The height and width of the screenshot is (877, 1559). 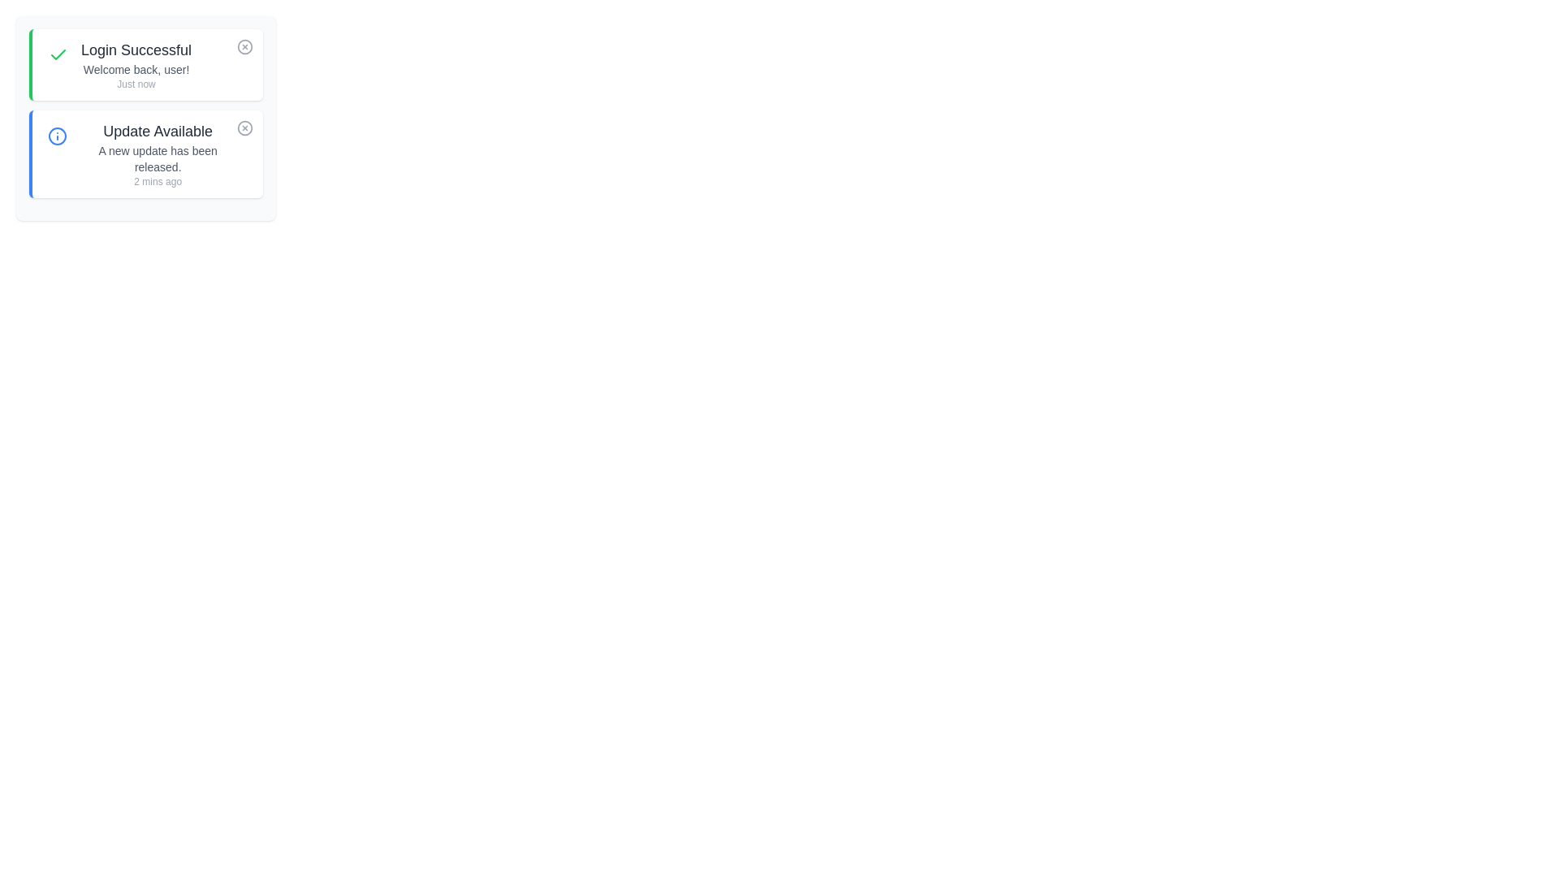 What do you see at coordinates (158, 159) in the screenshot?
I see `the text block that displays the message 'A new update has been released.' which is styled in a small-sized font with a gray color and is located in the bottom-right quadrant of the card UI component` at bounding box center [158, 159].